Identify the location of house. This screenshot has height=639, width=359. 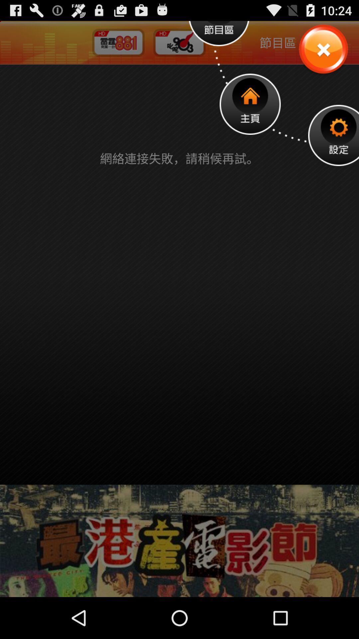
(250, 104).